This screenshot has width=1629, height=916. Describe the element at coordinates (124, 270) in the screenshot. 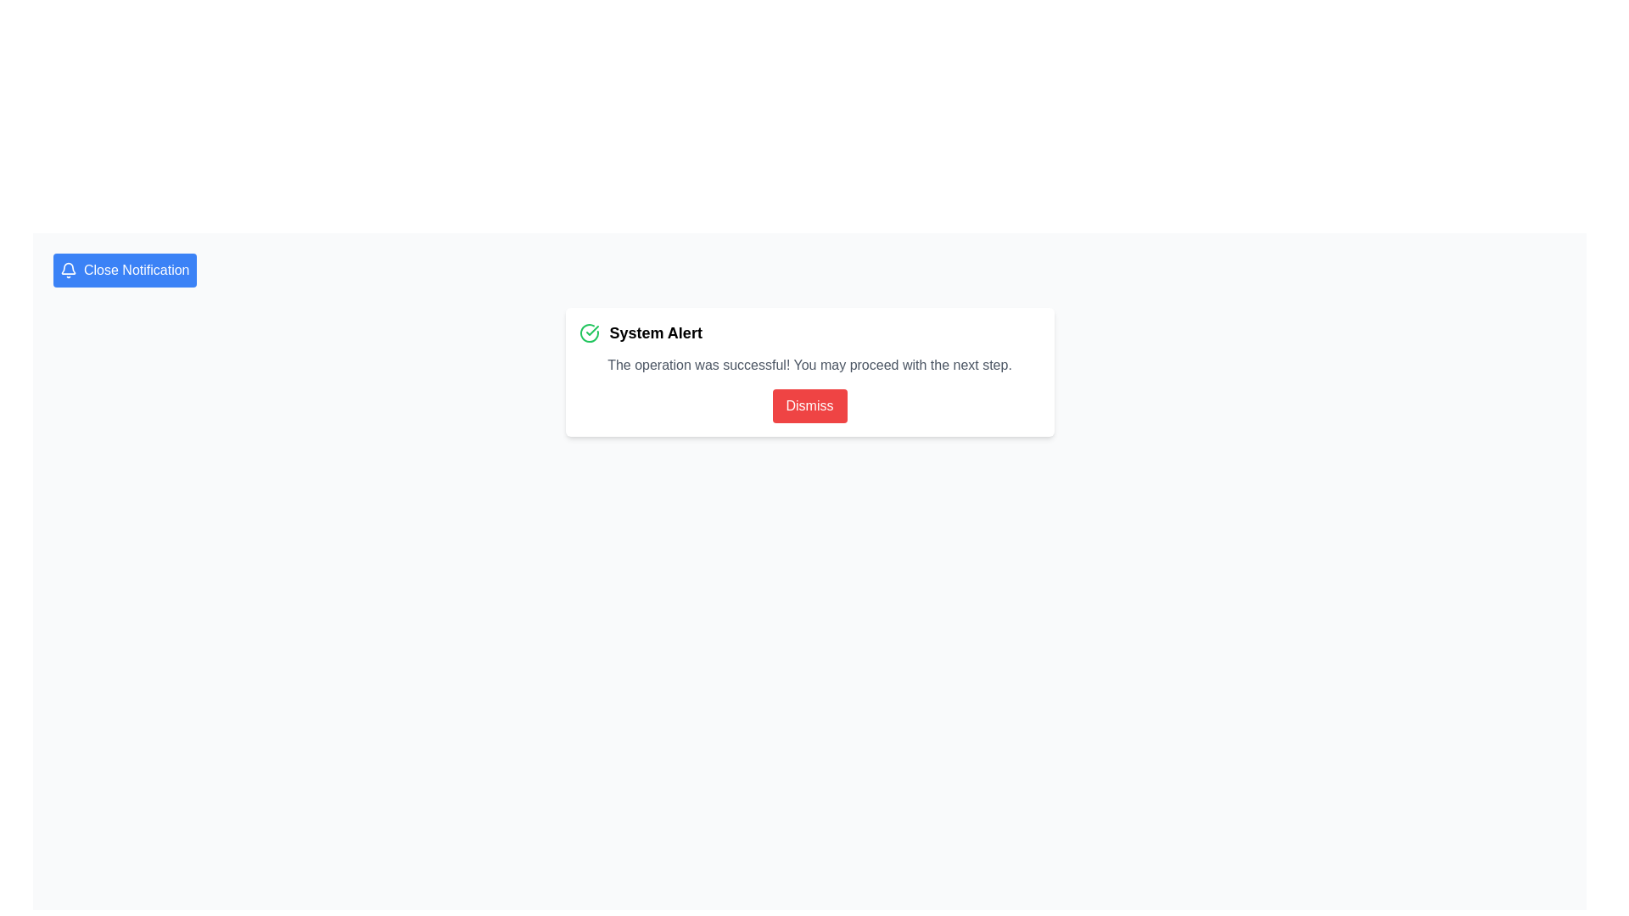

I see `the blue rectangular button labeled 'Close Notification' to trigger its hover effects` at that location.